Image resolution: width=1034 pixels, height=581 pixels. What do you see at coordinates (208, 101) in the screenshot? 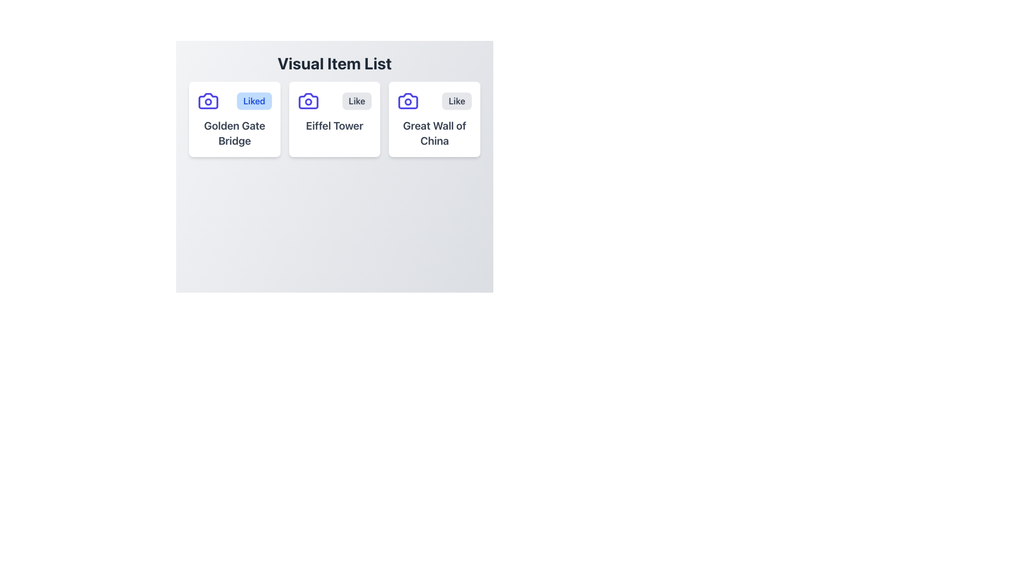
I see `the purple camera icon located in the 'Golden Gate Bridge' card, positioned slightly above and to the left of the text label` at bounding box center [208, 101].